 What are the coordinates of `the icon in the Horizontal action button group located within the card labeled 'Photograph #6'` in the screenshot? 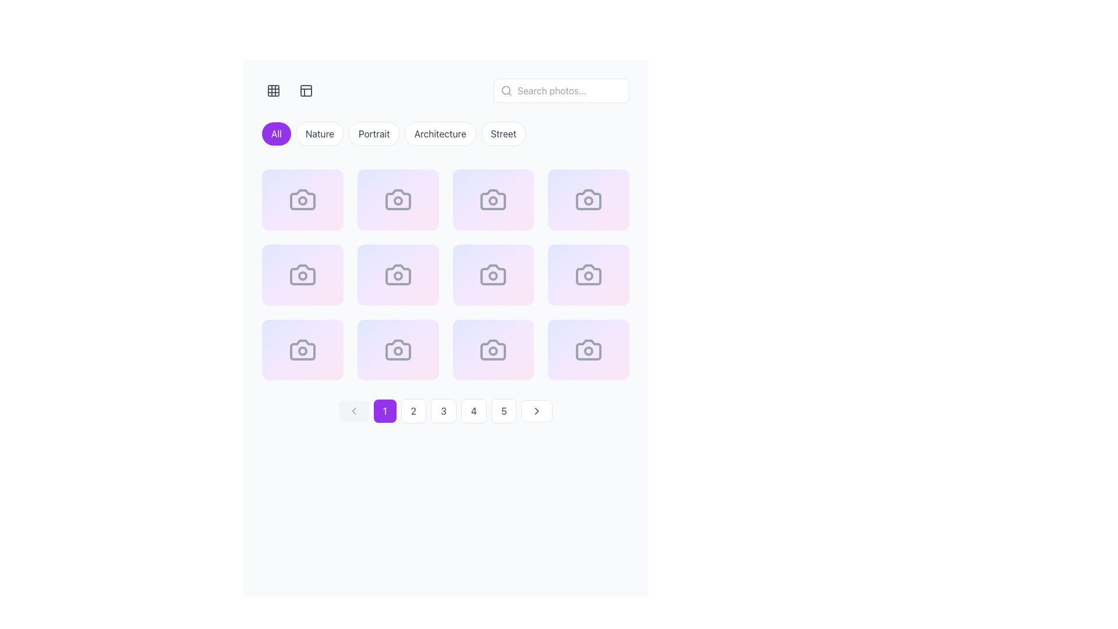 It's located at (398, 286).